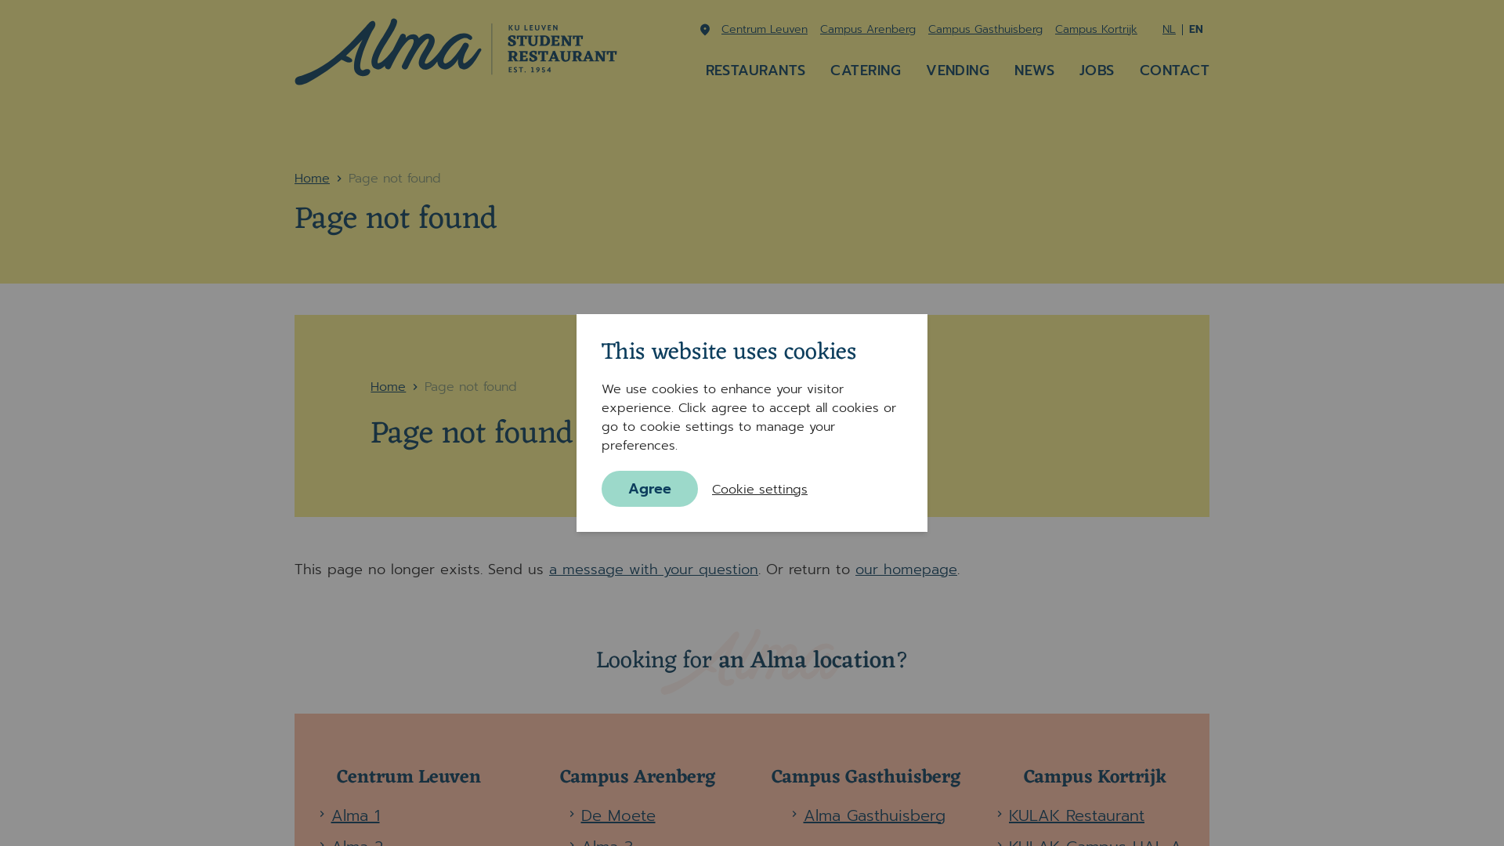 This screenshot has height=846, width=1504. What do you see at coordinates (425, 386) in the screenshot?
I see `'Page not found'` at bounding box center [425, 386].